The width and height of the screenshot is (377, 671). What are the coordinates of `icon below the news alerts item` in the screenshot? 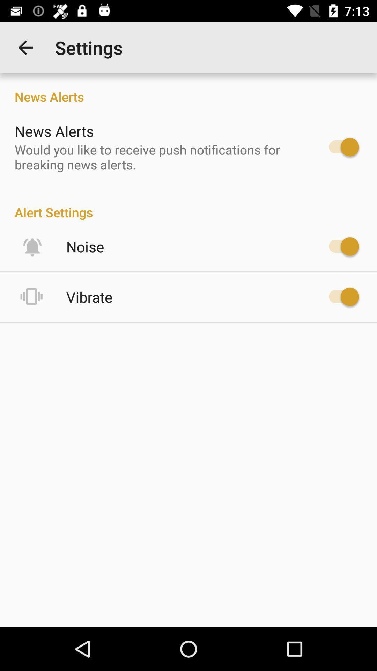 It's located at (159, 157).